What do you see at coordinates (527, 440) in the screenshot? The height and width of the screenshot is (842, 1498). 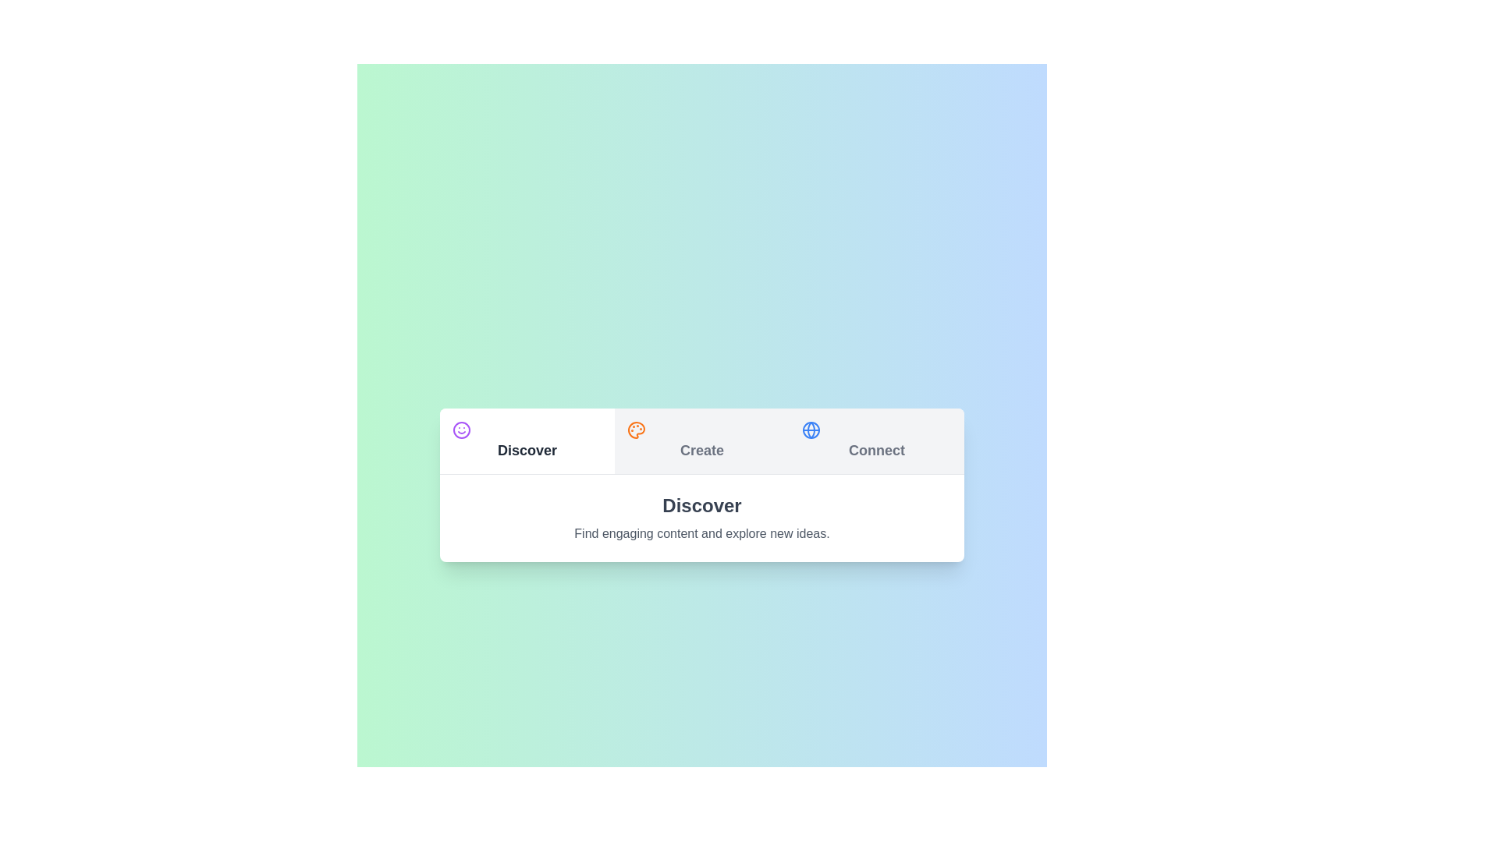 I see `the Discover tab to switch content` at bounding box center [527, 440].